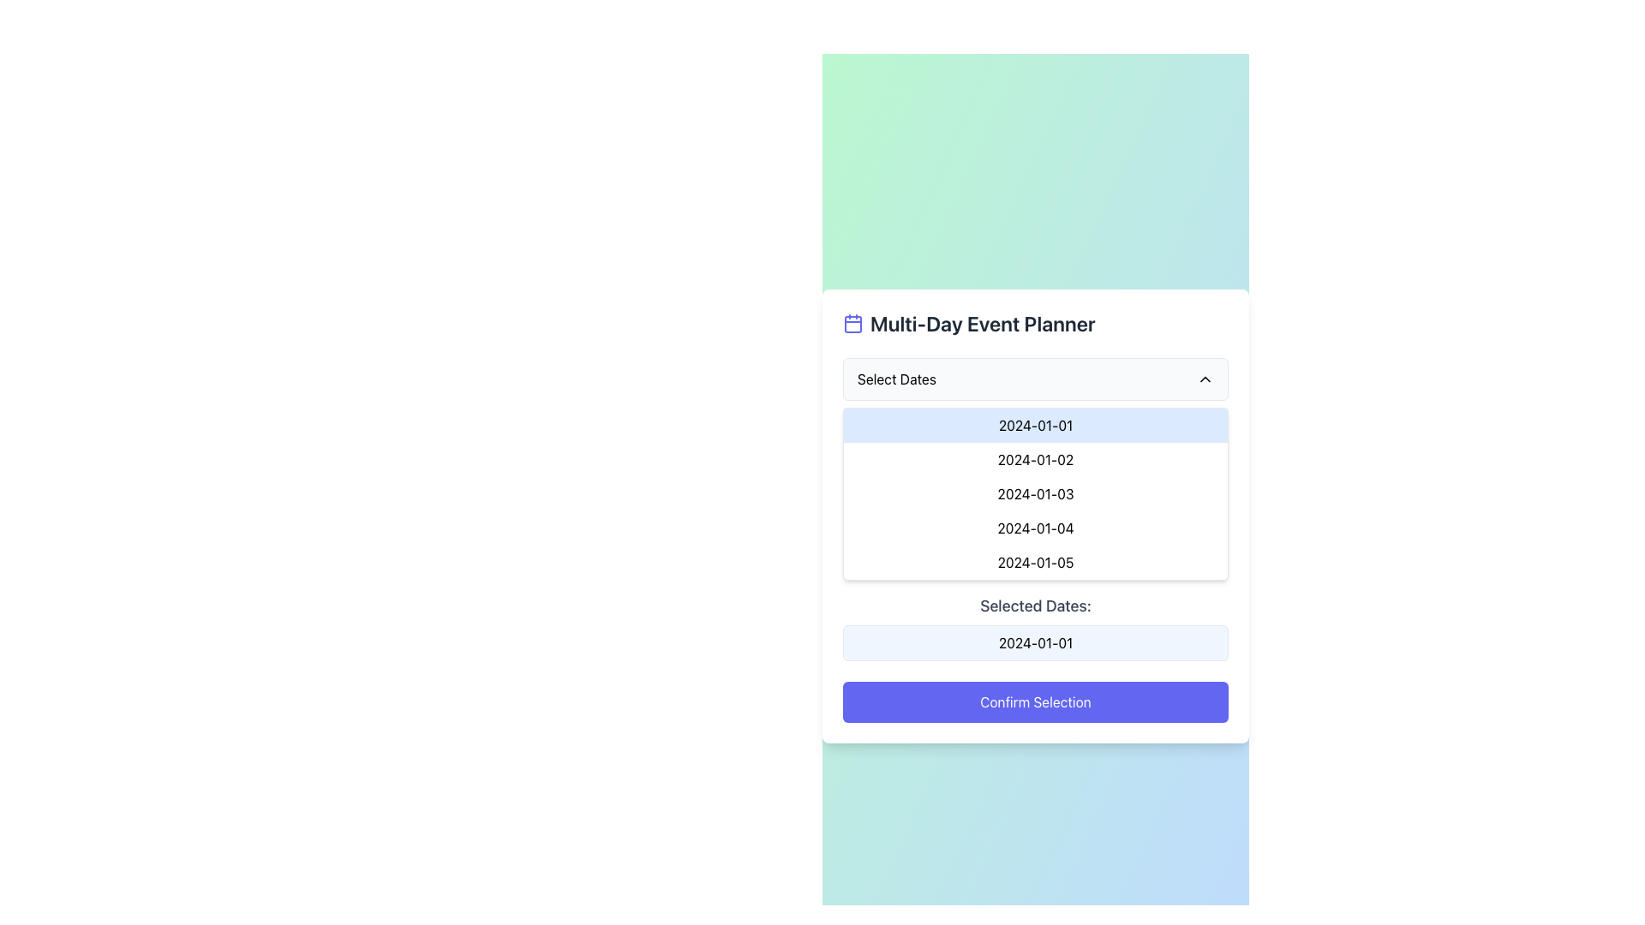 The height and width of the screenshot is (925, 1645). Describe the element at coordinates (1035, 468) in the screenshot. I see `the selectable list item representing the date '2024-01-02' within the dropdown menu of the 'Multi-Day Event Planner' card` at that location.